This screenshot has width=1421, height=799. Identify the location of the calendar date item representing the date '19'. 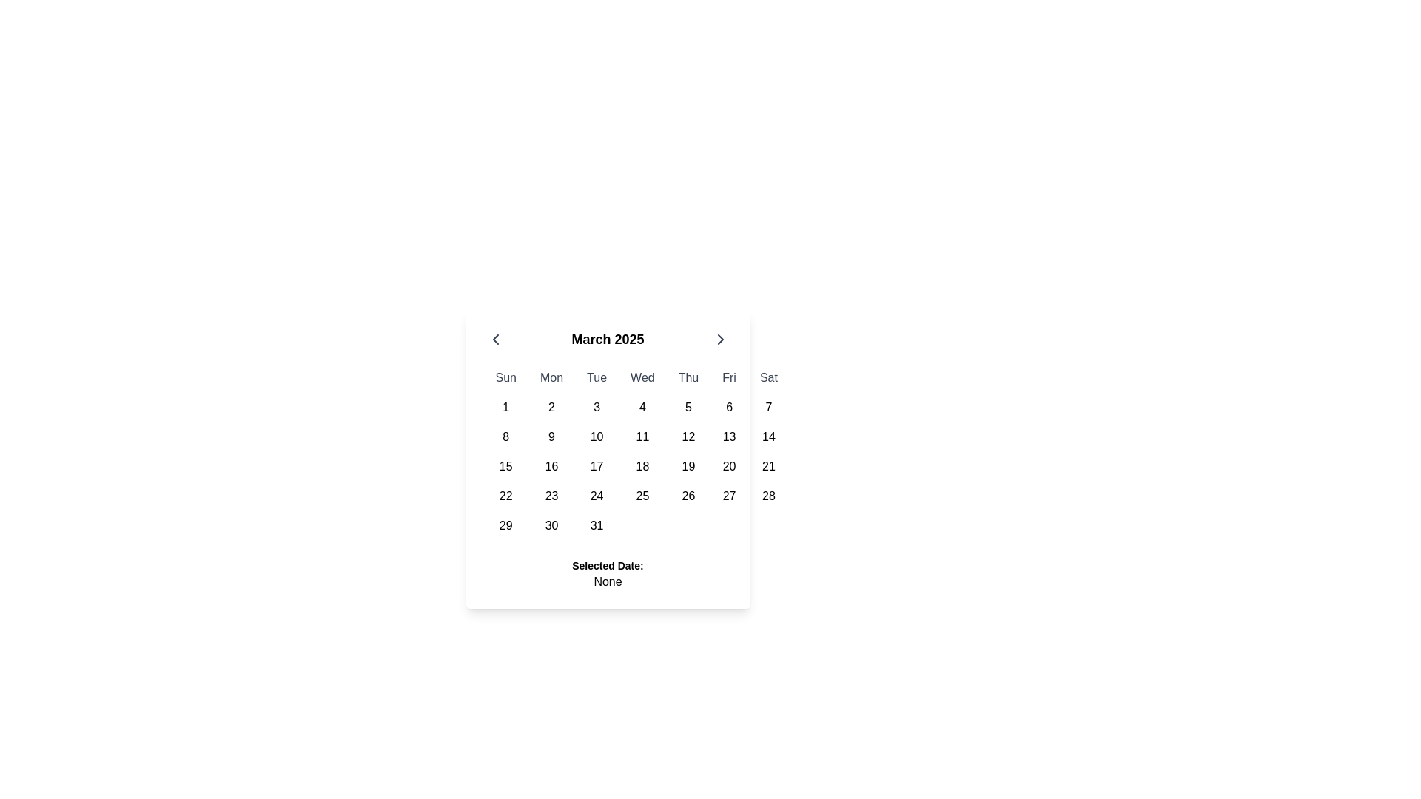
(688, 467).